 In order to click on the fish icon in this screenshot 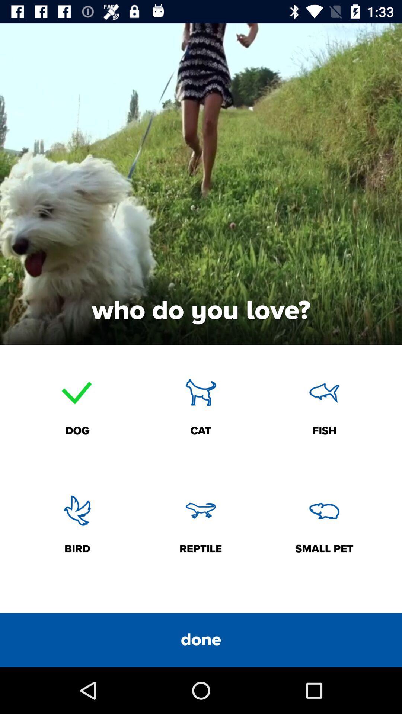, I will do `click(324, 392)`.